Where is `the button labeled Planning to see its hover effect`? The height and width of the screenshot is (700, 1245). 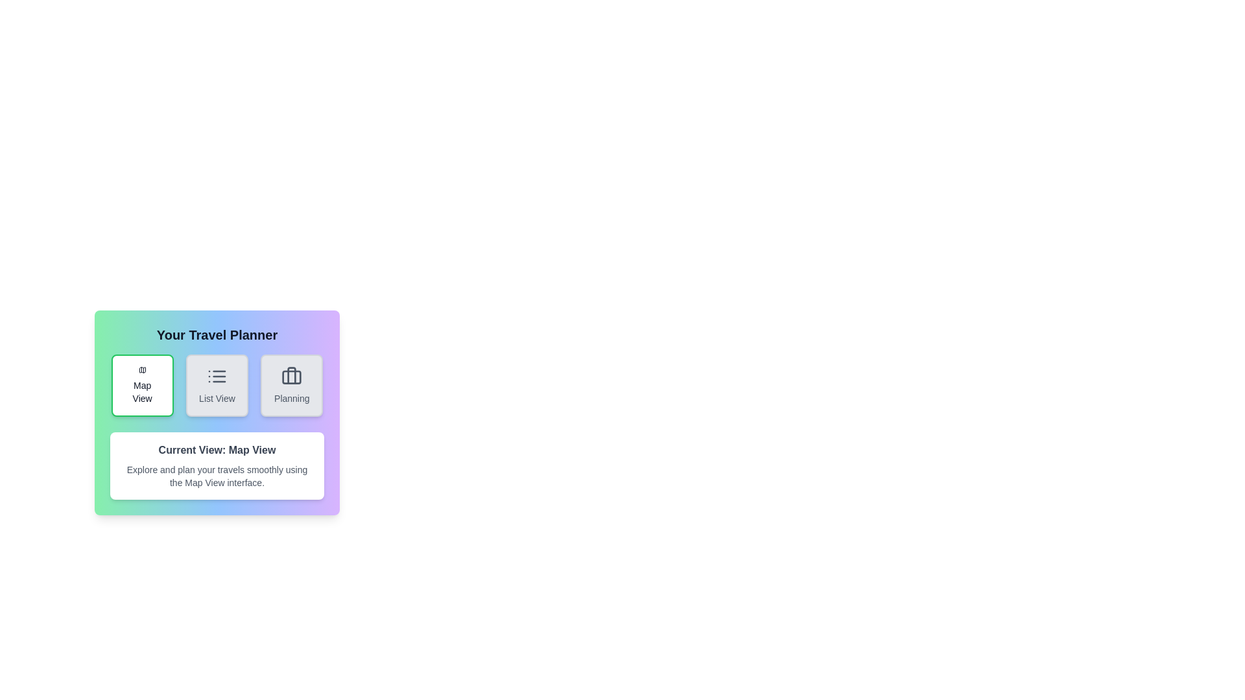 the button labeled Planning to see its hover effect is located at coordinates (291, 384).